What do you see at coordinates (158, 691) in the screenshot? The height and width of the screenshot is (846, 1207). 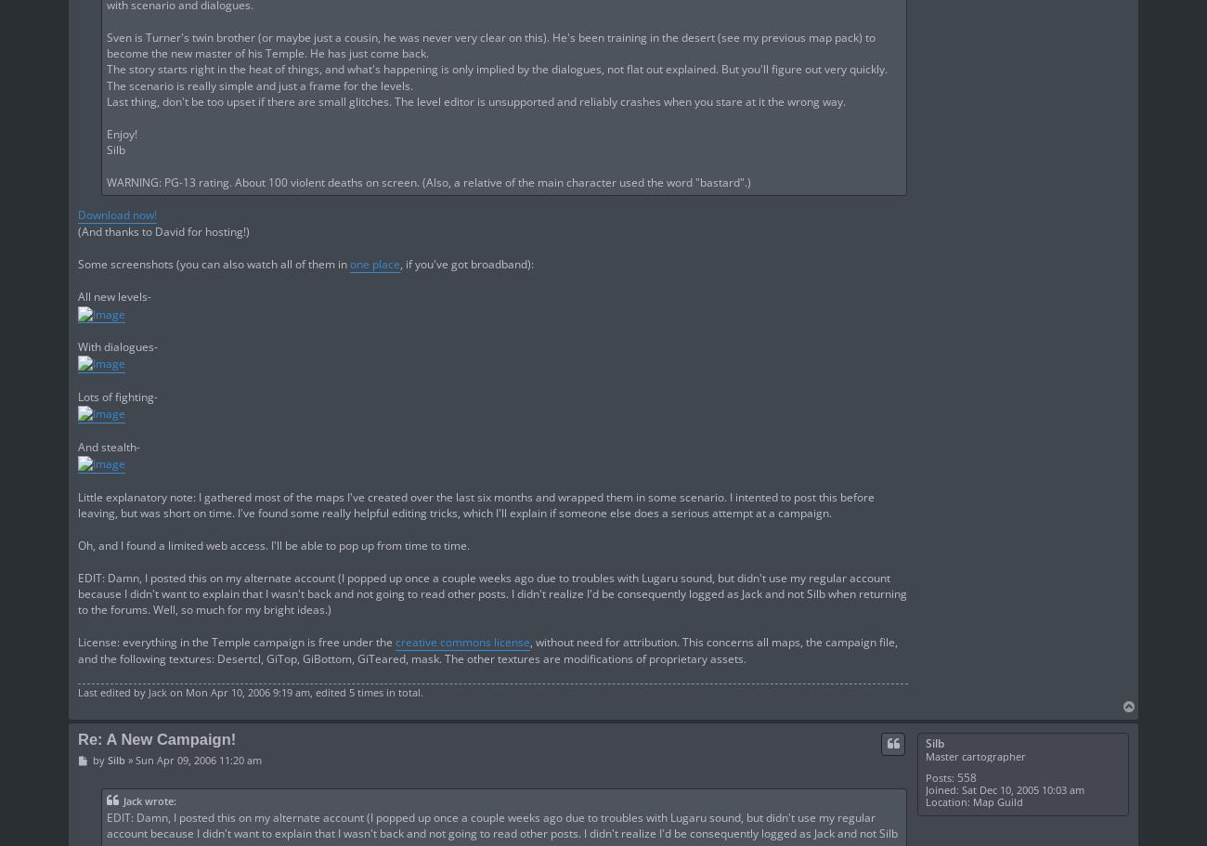 I see `'Jack'` at bounding box center [158, 691].